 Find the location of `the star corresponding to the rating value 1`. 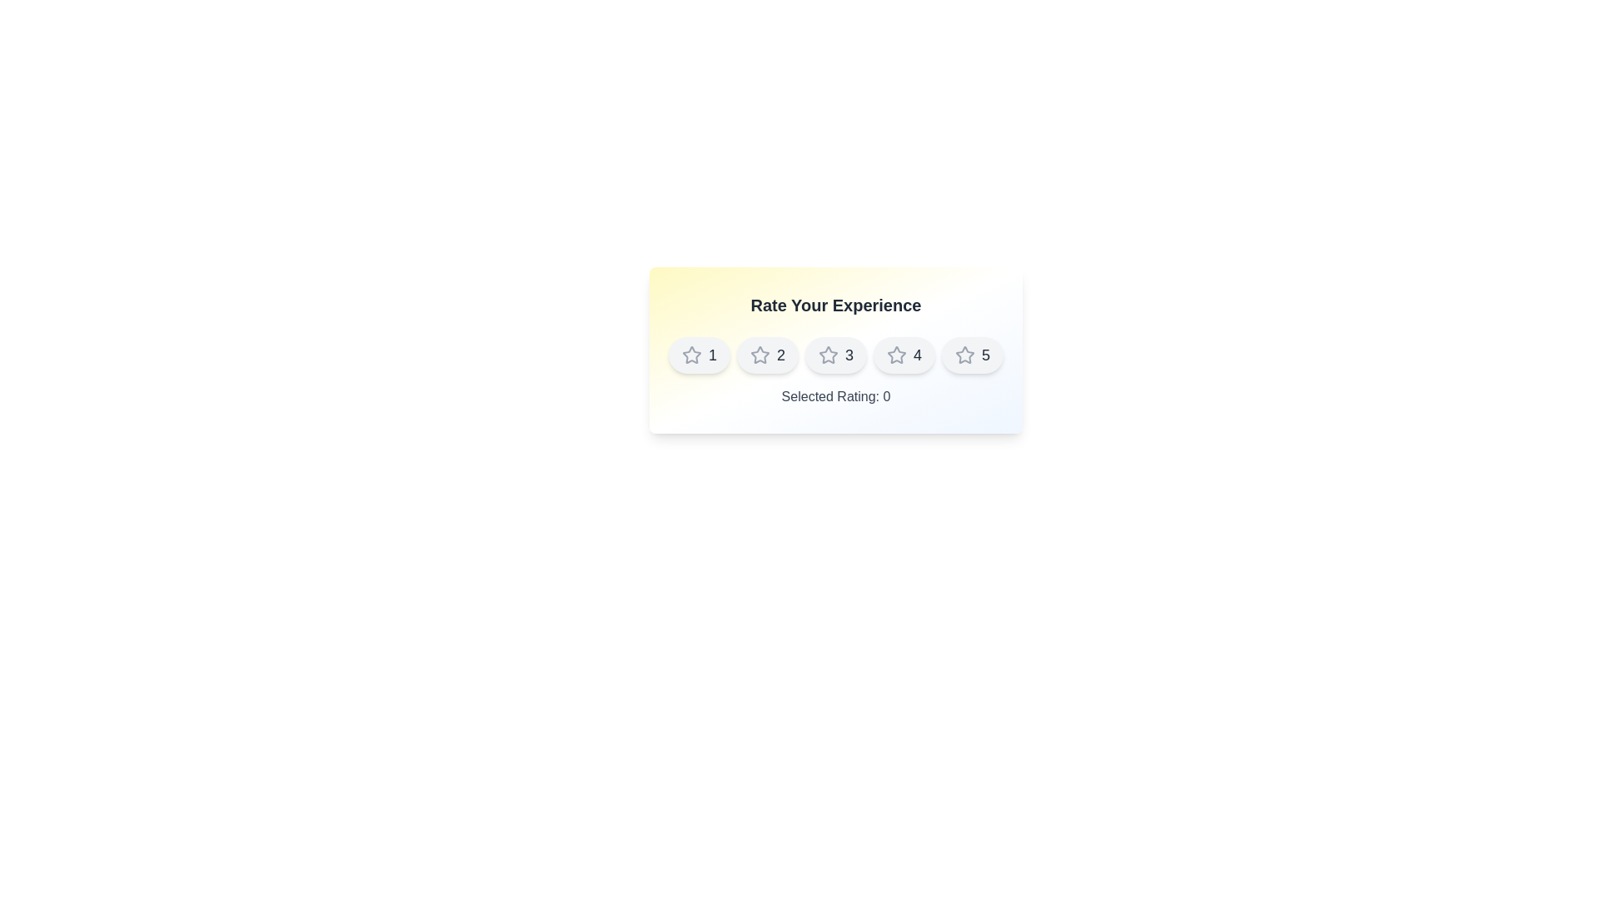

the star corresponding to the rating value 1 is located at coordinates (700, 355).